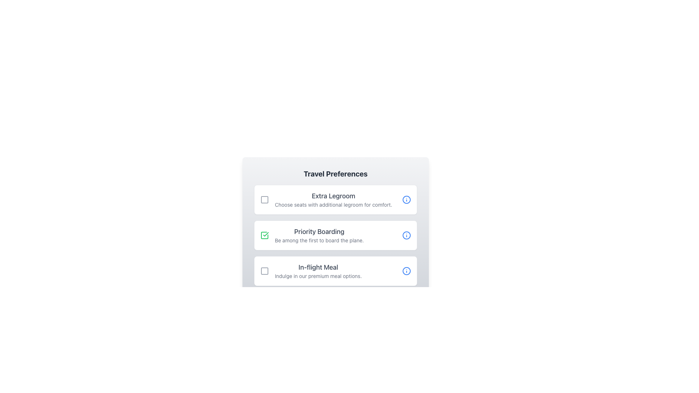 The height and width of the screenshot is (393, 699). I want to click on the informative text label that describes the option for selecting seats with additional legroom in the travel preferences section, so click(333, 199).